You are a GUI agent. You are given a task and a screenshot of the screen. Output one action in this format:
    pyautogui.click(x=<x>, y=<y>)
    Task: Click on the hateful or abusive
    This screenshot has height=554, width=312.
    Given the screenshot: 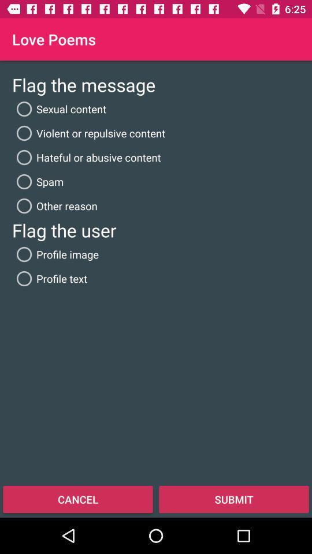 What is the action you would take?
    pyautogui.click(x=86, y=157)
    